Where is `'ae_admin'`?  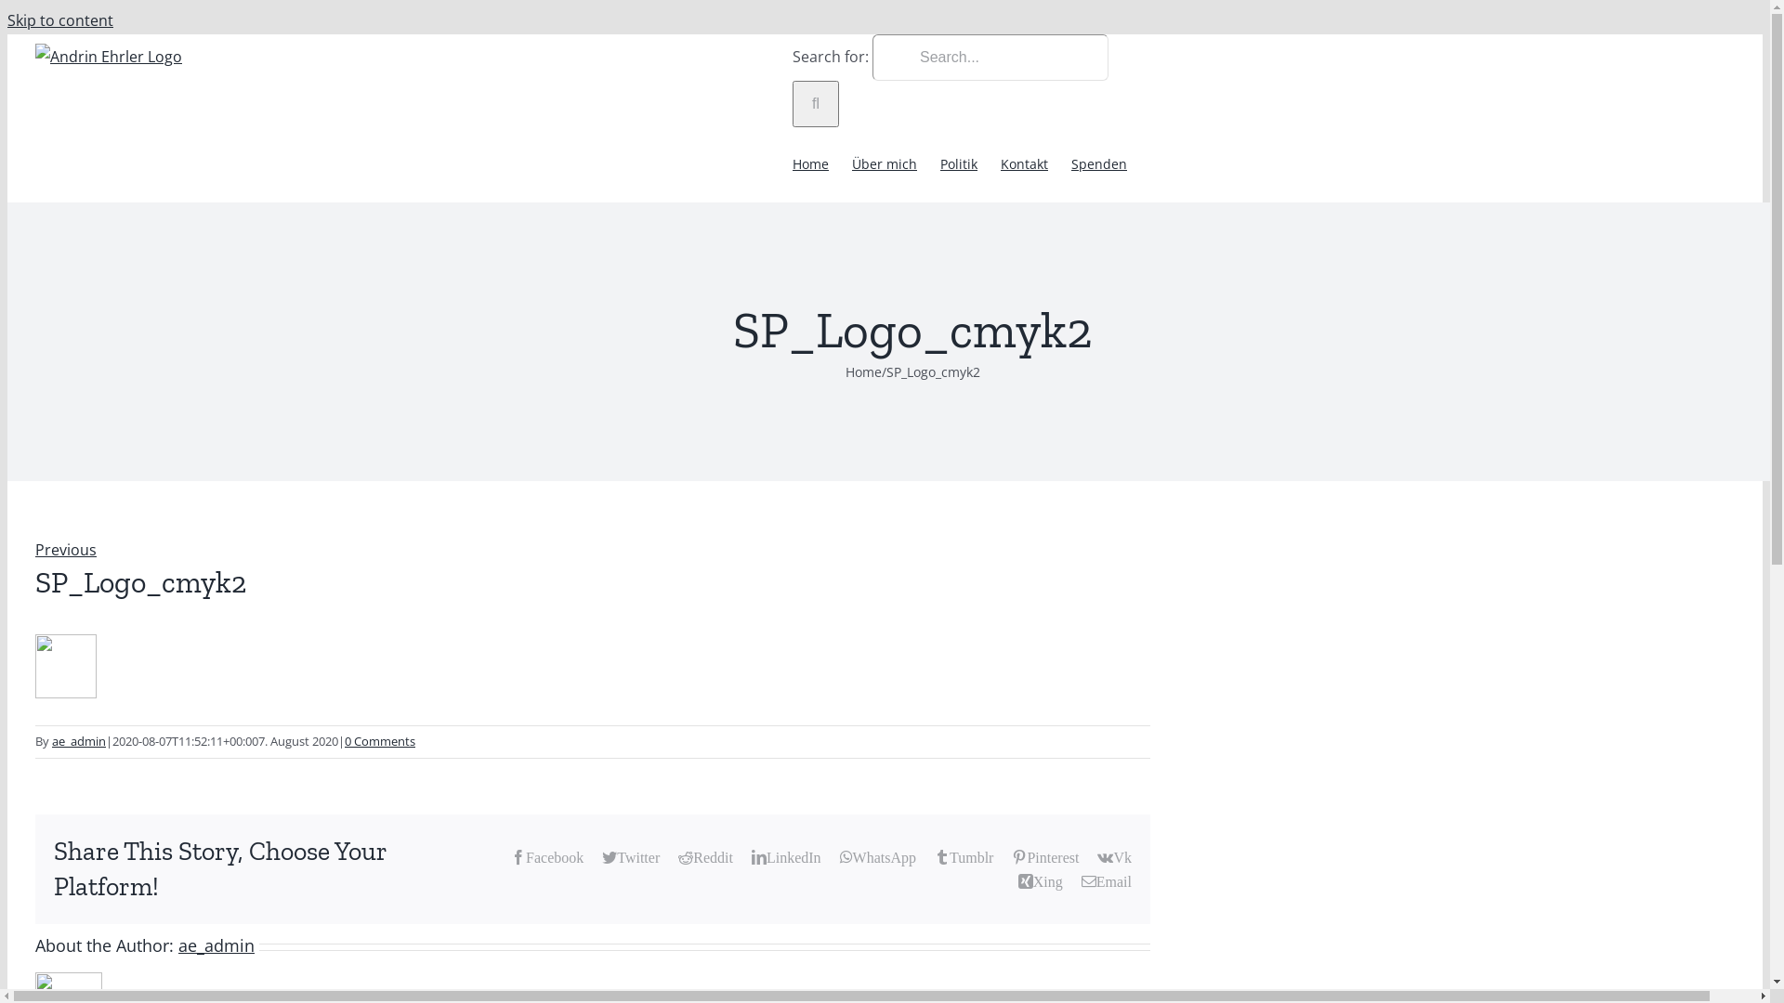
'ae_admin' is located at coordinates (78, 740).